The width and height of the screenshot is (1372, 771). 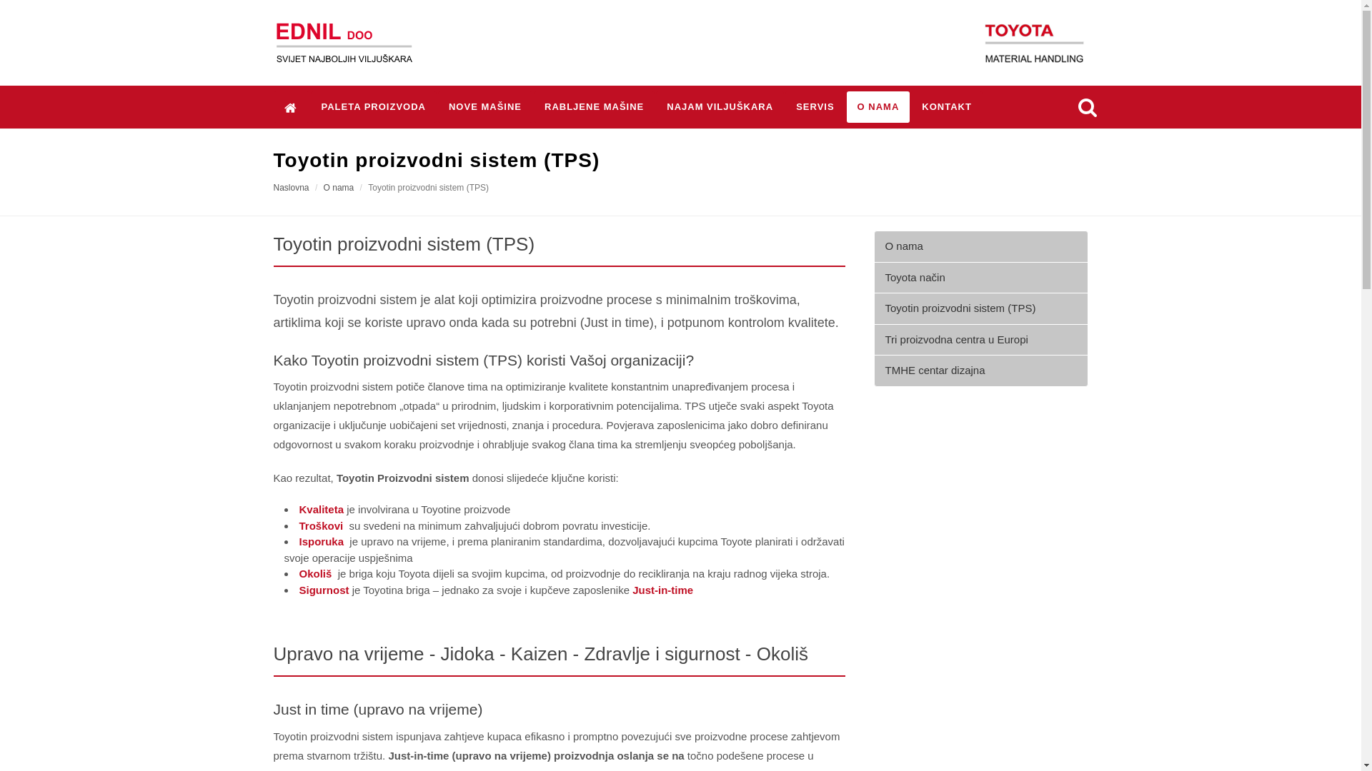 I want to click on 'Just-in-time', so click(x=662, y=590).